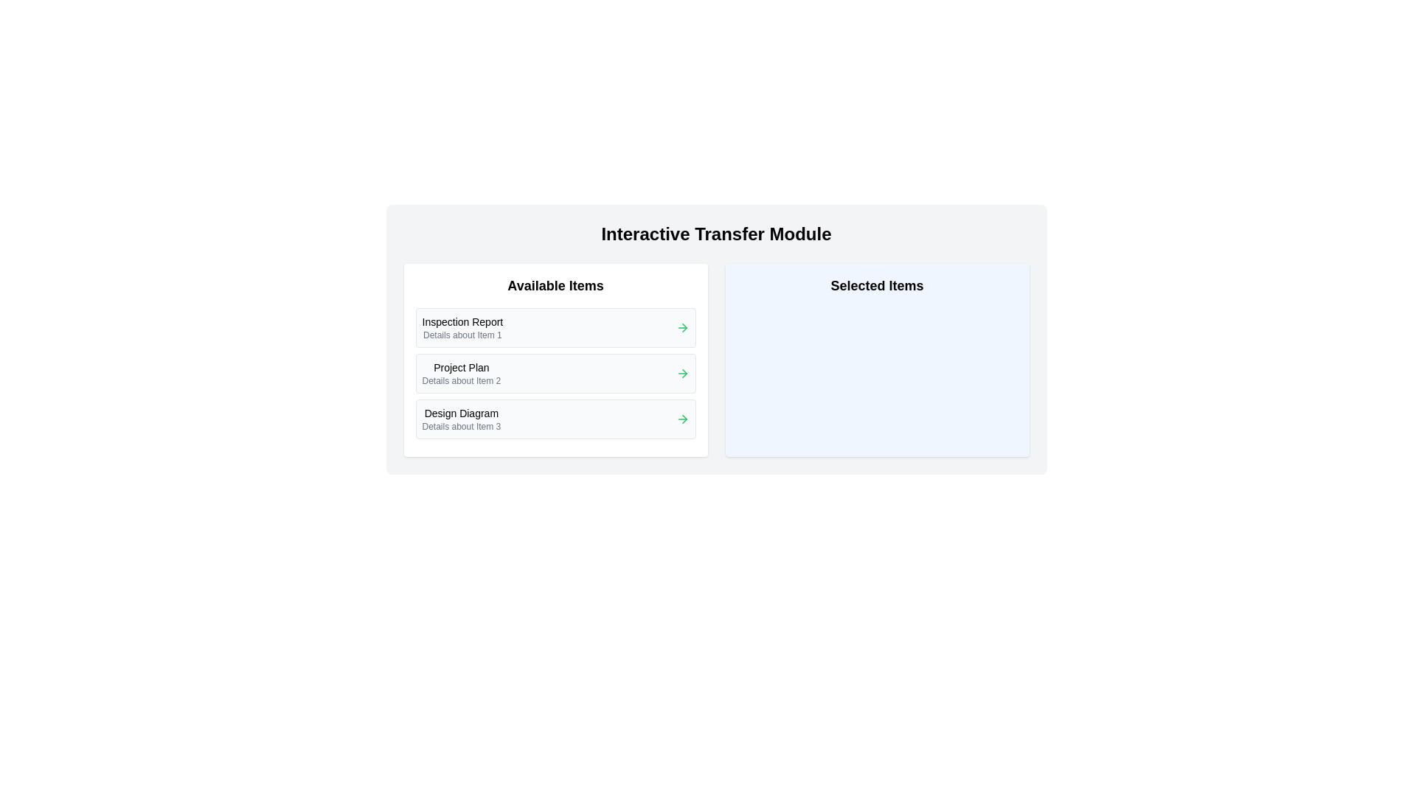  I want to click on the rightward arrow icon located to the right of the 'Project Plan' entry in the 'Available Items' section, so click(684, 372).